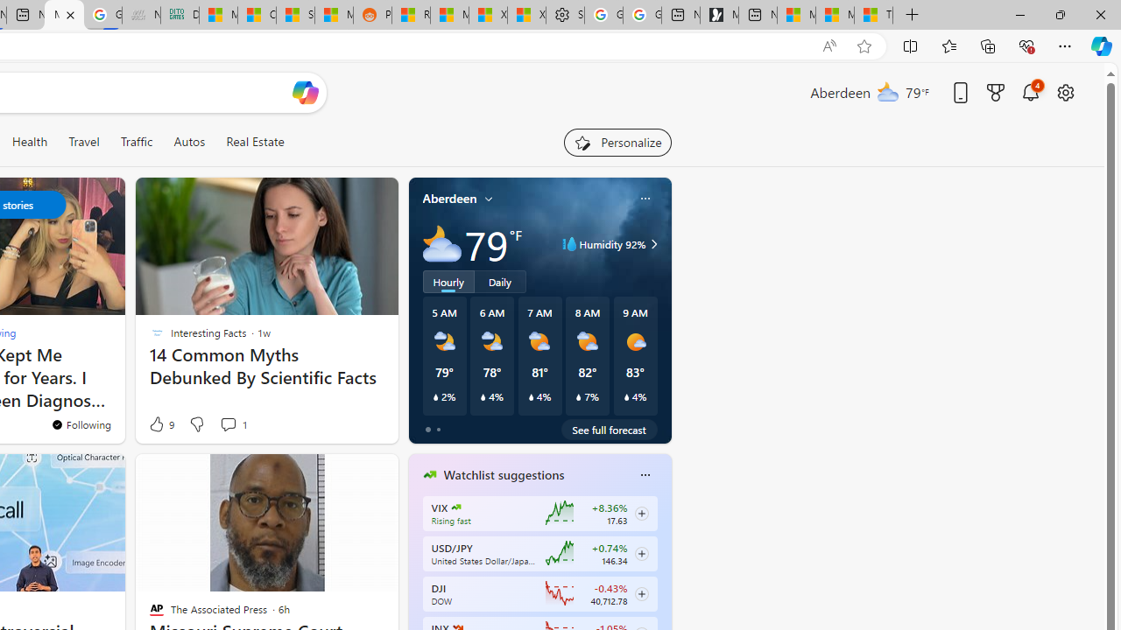 The height and width of the screenshot is (630, 1121). Describe the element at coordinates (232, 423) in the screenshot. I see `'View comments 1 Comment'` at that location.